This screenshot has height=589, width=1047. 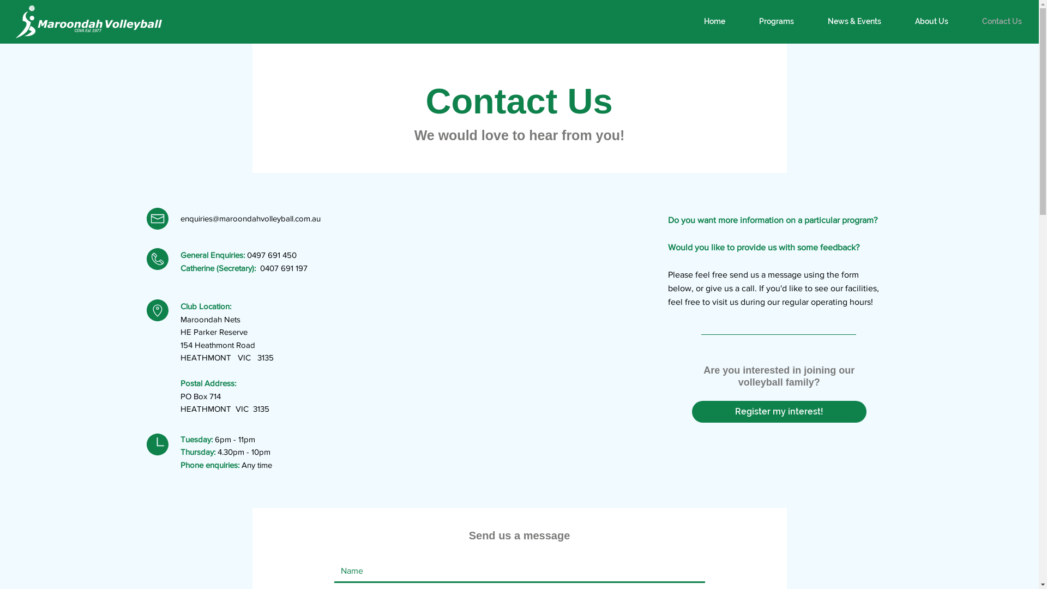 I want to click on 'enquiries@maroondahvolleyball.com.au', so click(x=250, y=218).